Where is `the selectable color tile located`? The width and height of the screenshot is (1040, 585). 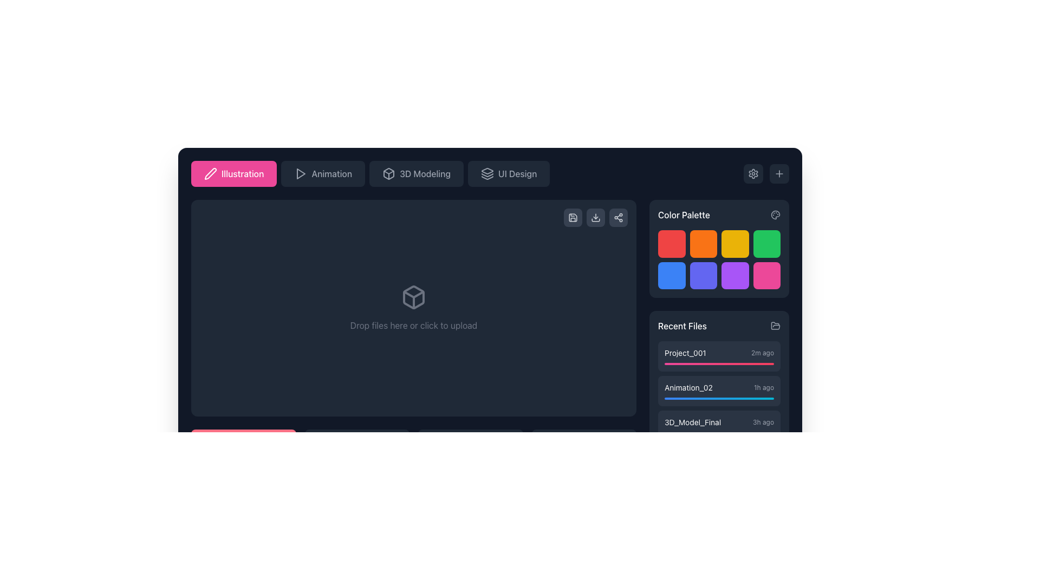 the selectable color tile located is located at coordinates (671, 275).